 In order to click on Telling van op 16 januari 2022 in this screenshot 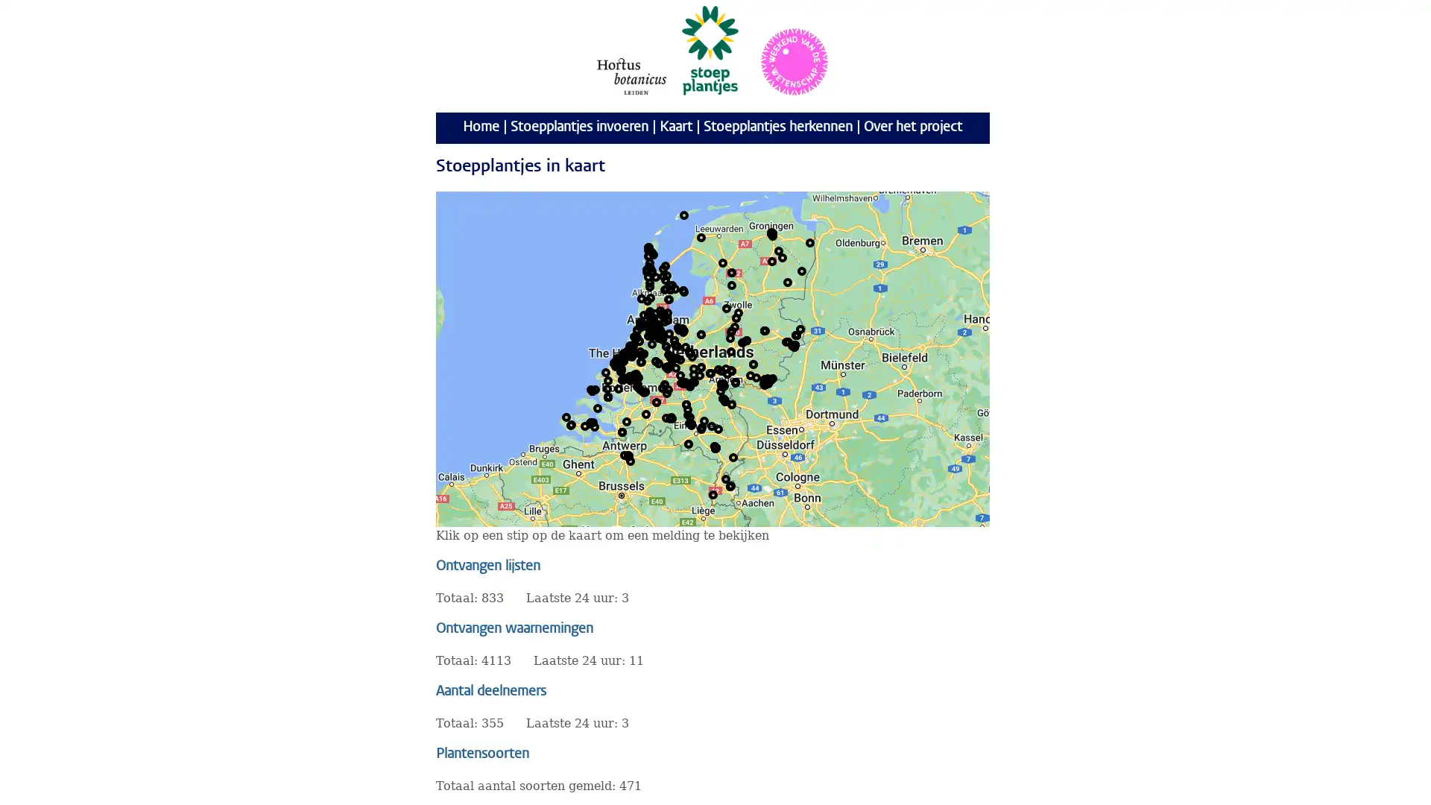, I will do `click(654, 323)`.